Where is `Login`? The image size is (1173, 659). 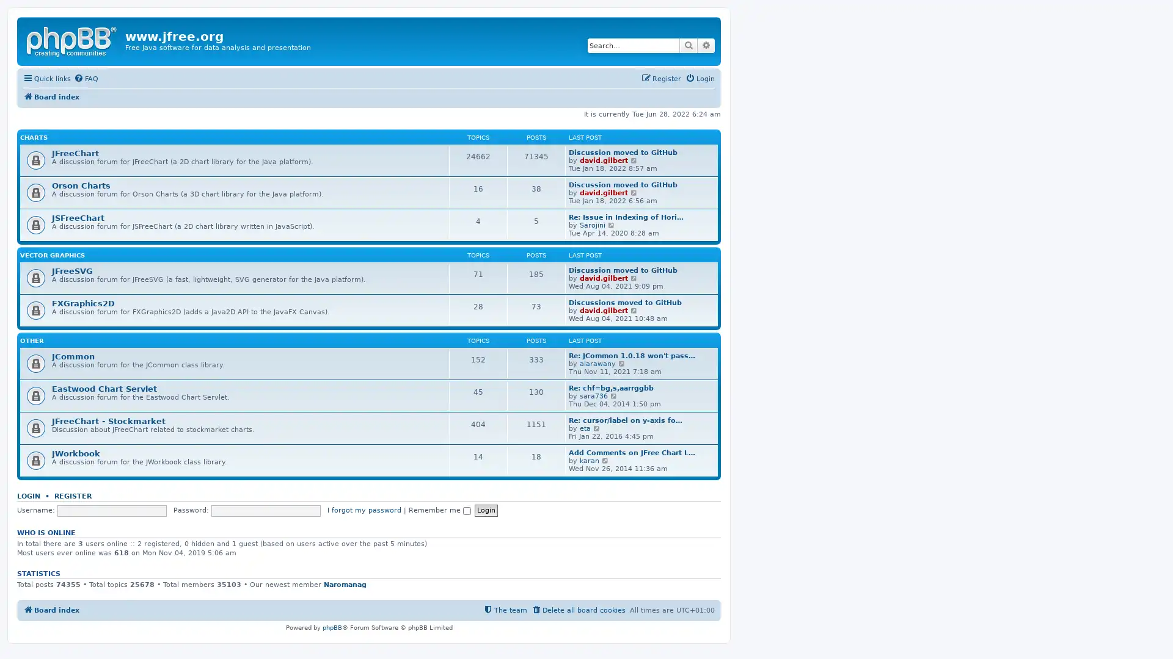 Login is located at coordinates (485, 510).